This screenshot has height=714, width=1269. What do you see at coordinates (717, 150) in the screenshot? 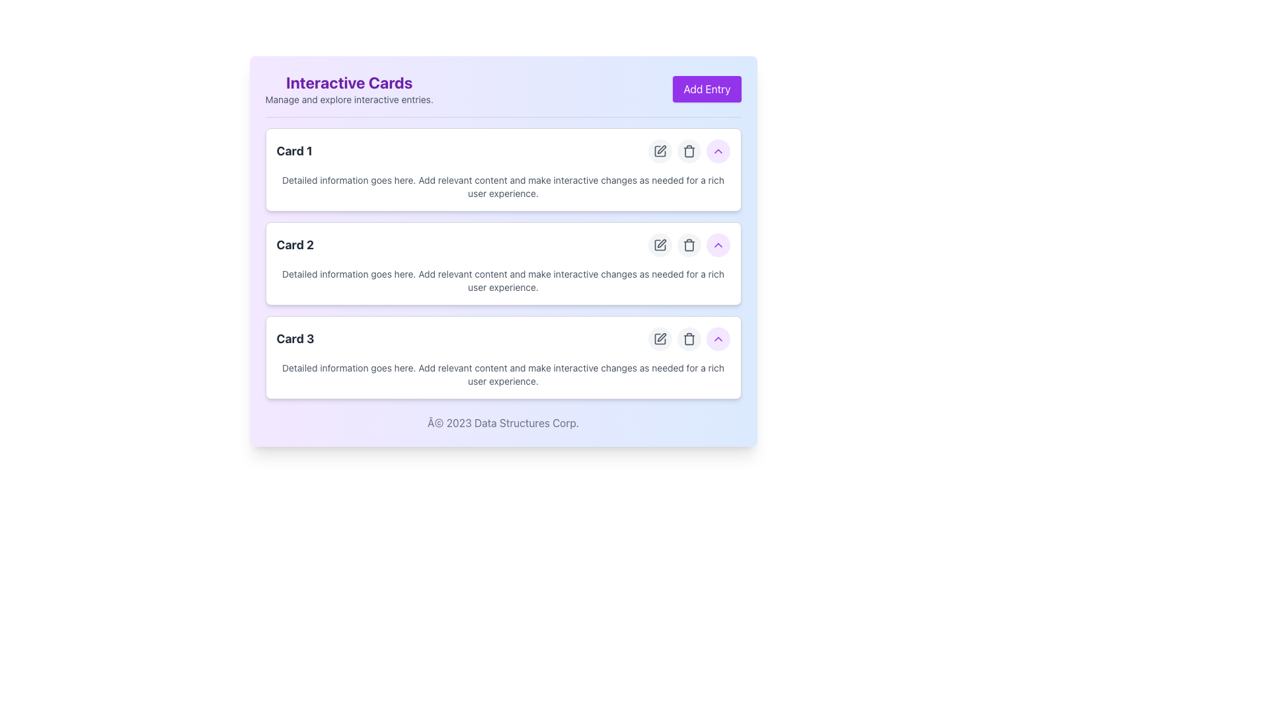
I see `the rightmost rounded button with a light purple background and a chevron-up icon` at bounding box center [717, 150].